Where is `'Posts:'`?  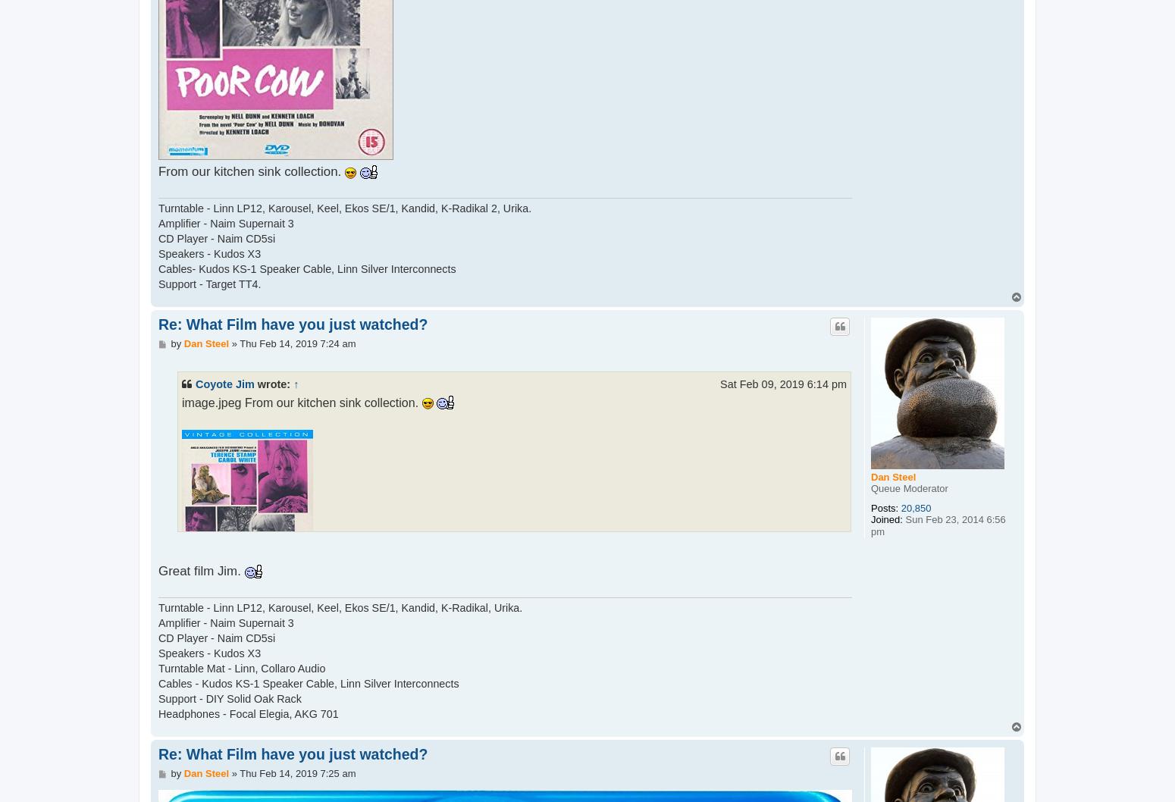 'Posts:' is located at coordinates (884, 506).